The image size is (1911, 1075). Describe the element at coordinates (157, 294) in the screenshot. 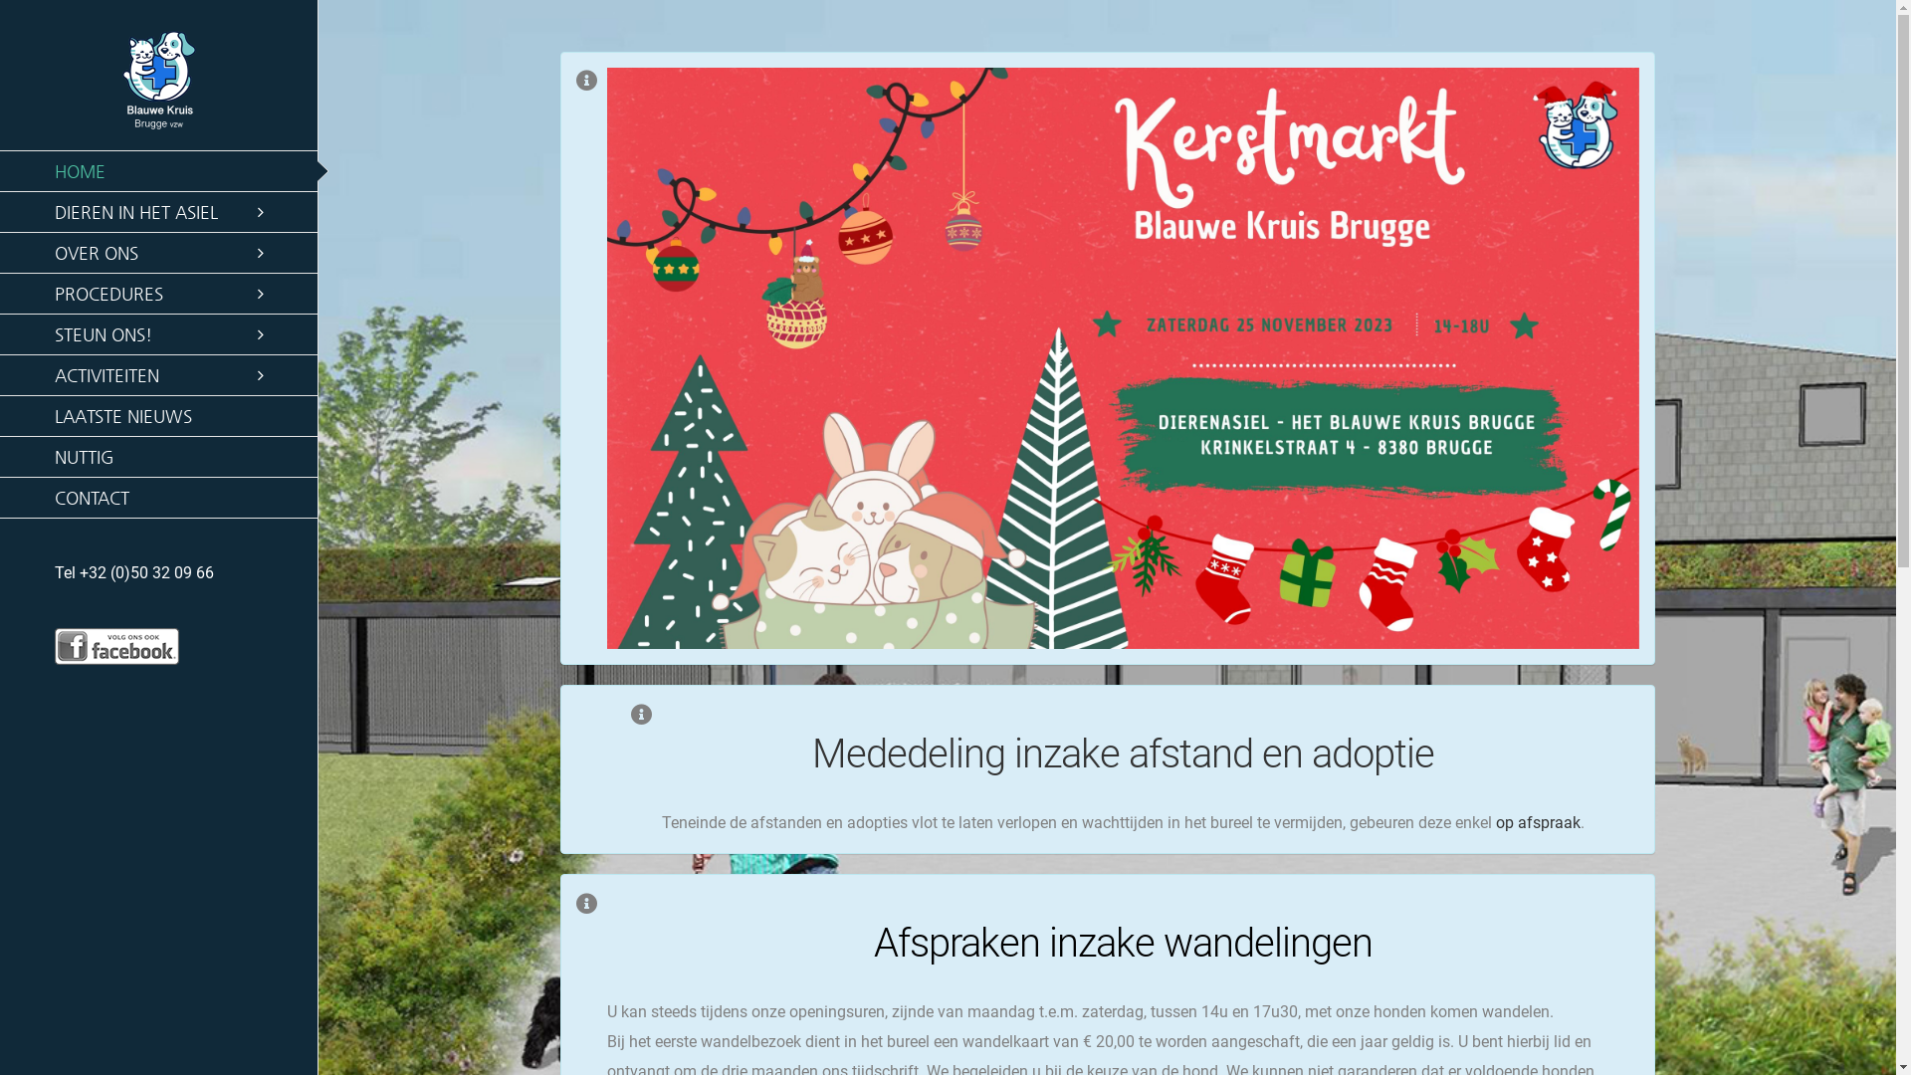

I see `'PROCEDURES'` at that location.